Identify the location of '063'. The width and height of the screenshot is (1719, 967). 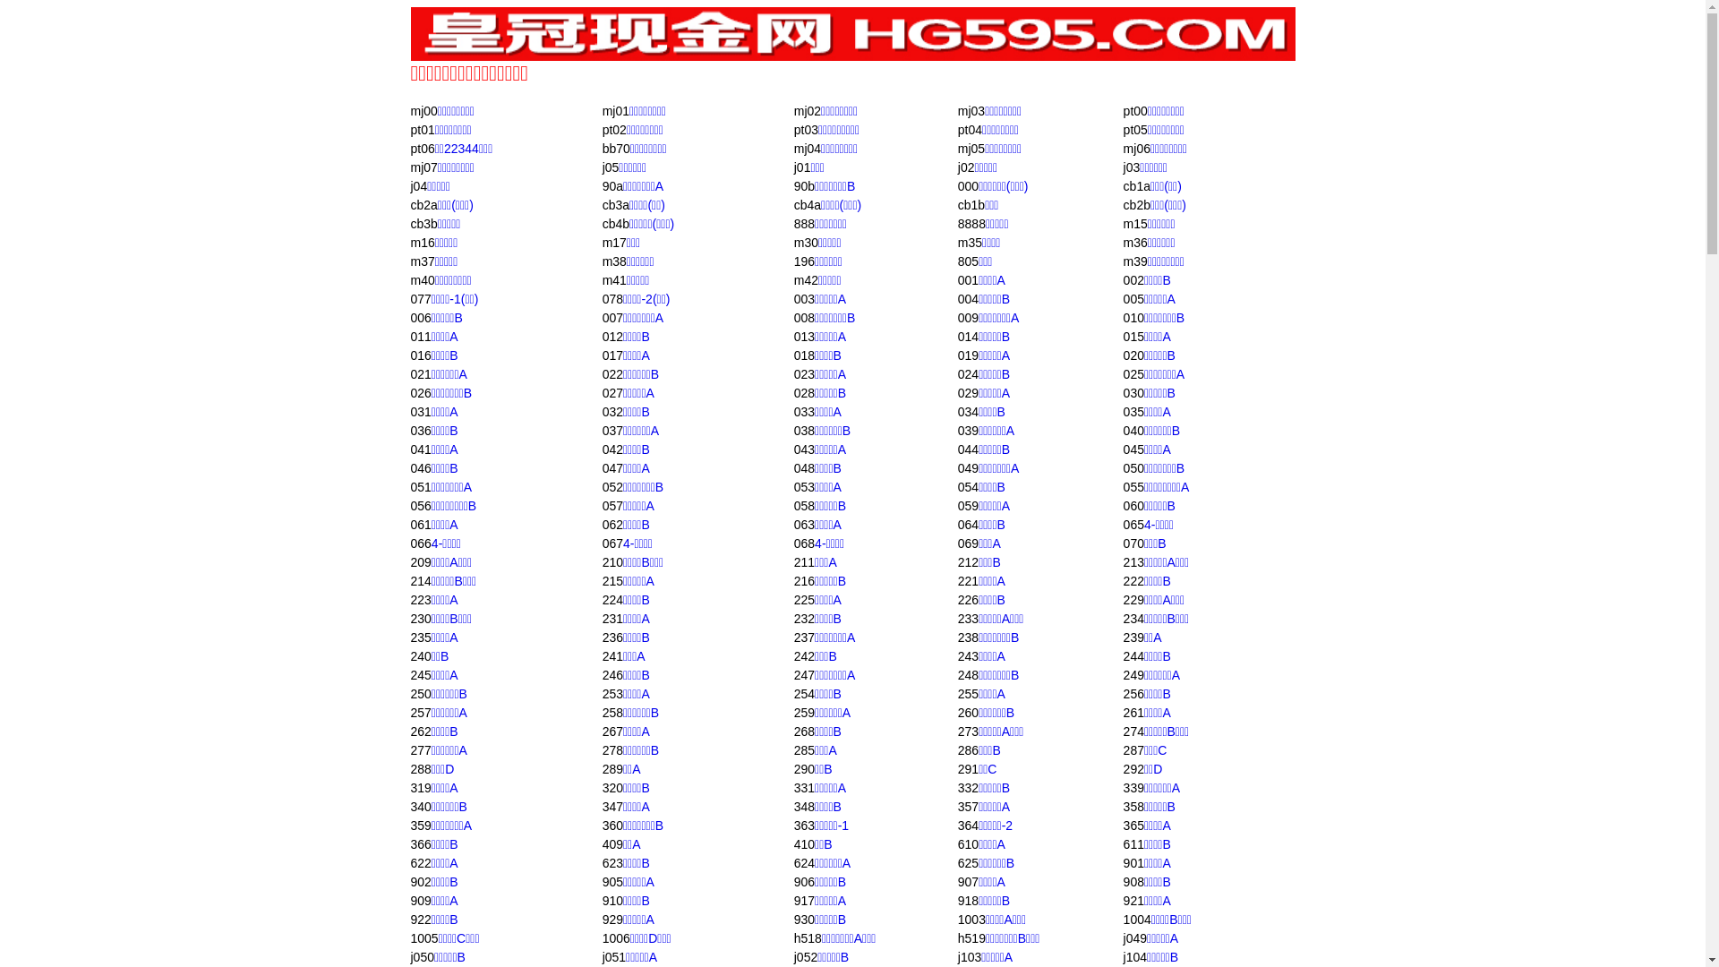
(803, 524).